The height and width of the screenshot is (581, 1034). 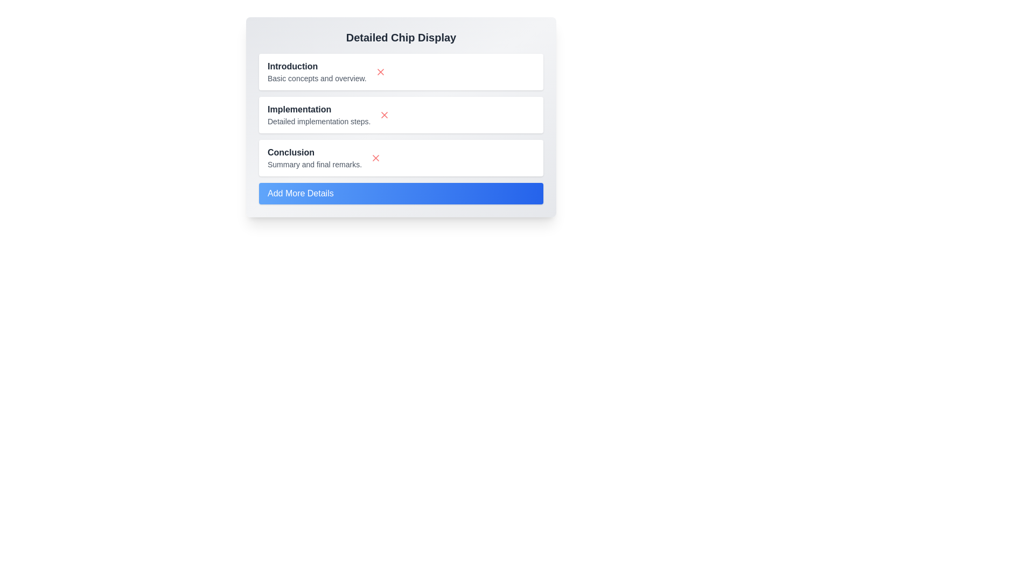 What do you see at coordinates (400, 193) in the screenshot?
I see `the 'Add More Details' button to add a new chip` at bounding box center [400, 193].